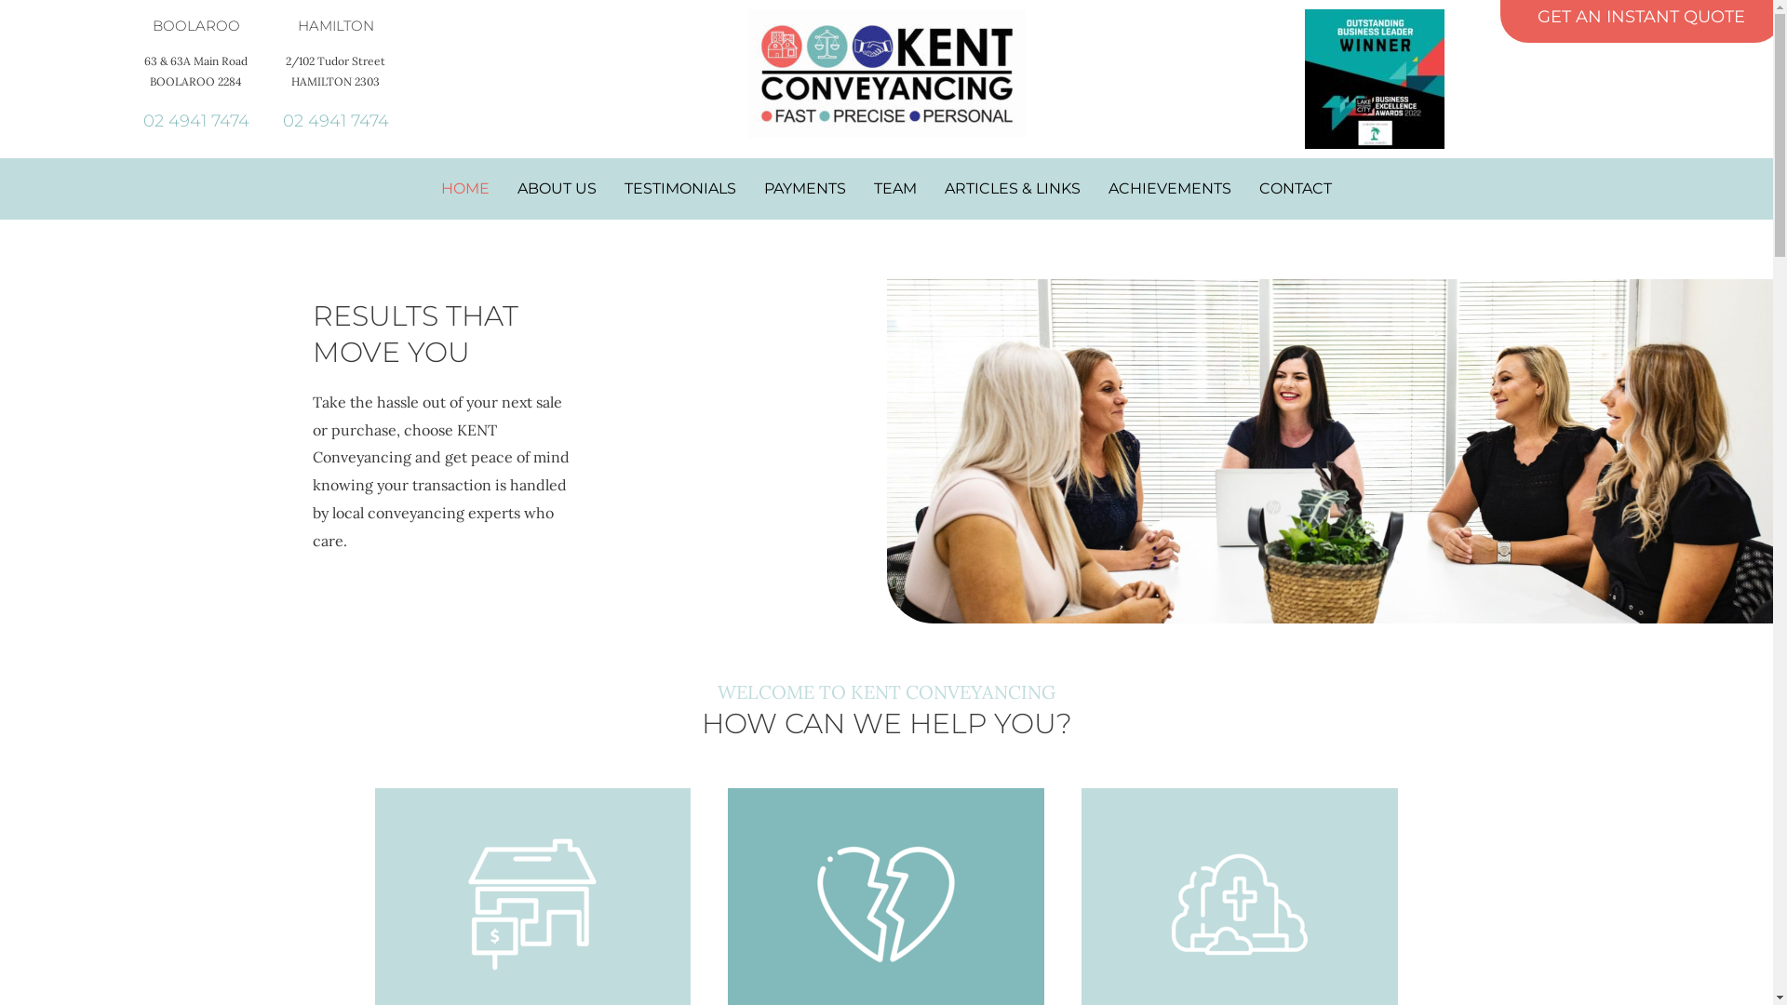 This screenshot has width=1787, height=1005. Describe the element at coordinates (894, 189) in the screenshot. I see `'TEAM'` at that location.